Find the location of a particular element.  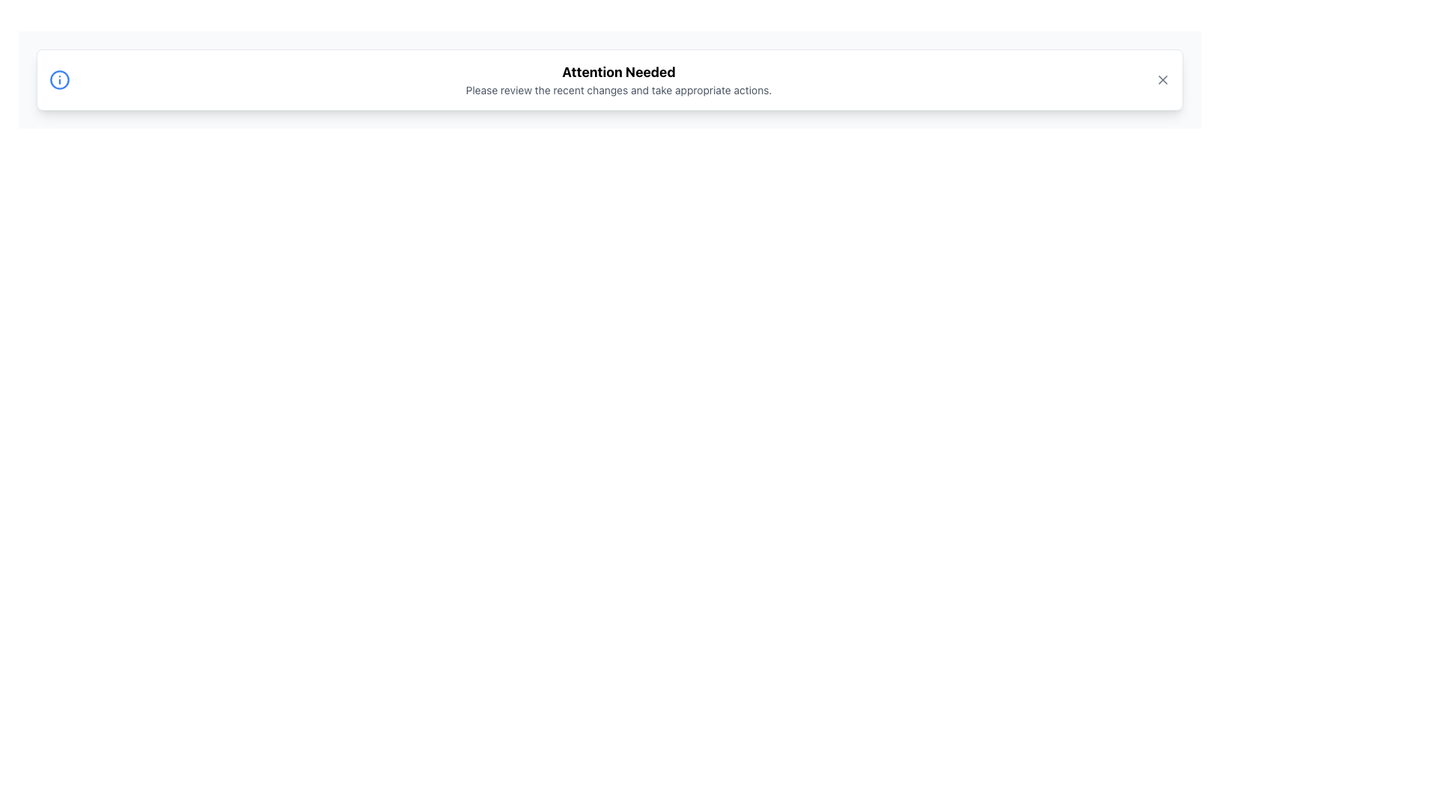

the small gray 'X' icon at the top-right corner of the notification box to change its color is located at coordinates (1162, 80).